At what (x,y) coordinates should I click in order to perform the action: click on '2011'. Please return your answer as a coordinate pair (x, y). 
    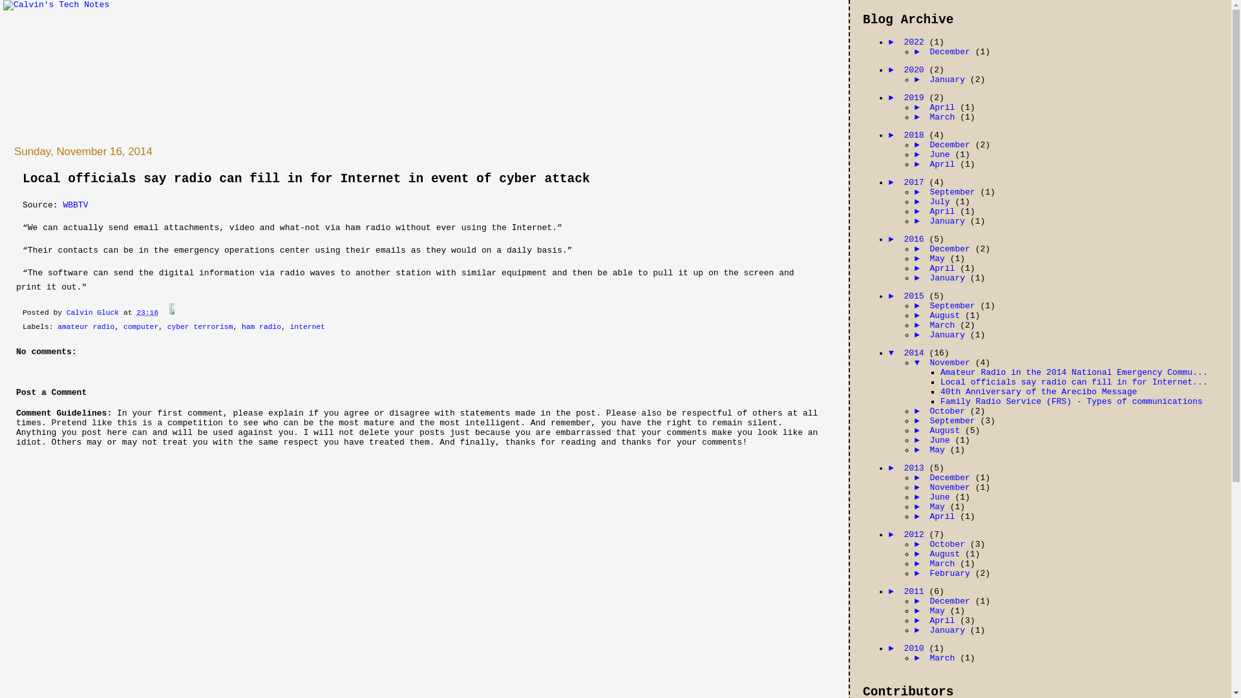
    Looking at the image, I should click on (915, 591).